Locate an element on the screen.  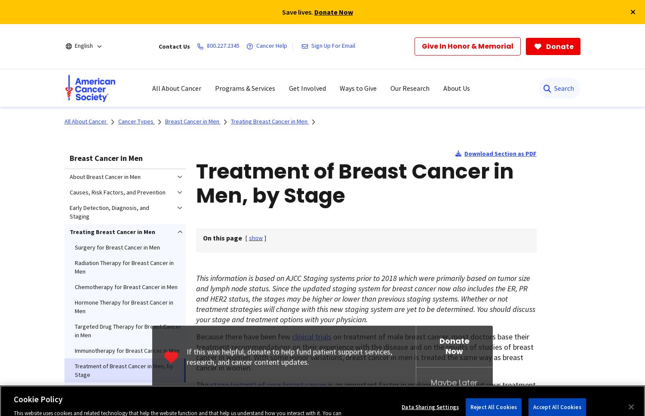
'clinical trials' is located at coordinates (311, 336).